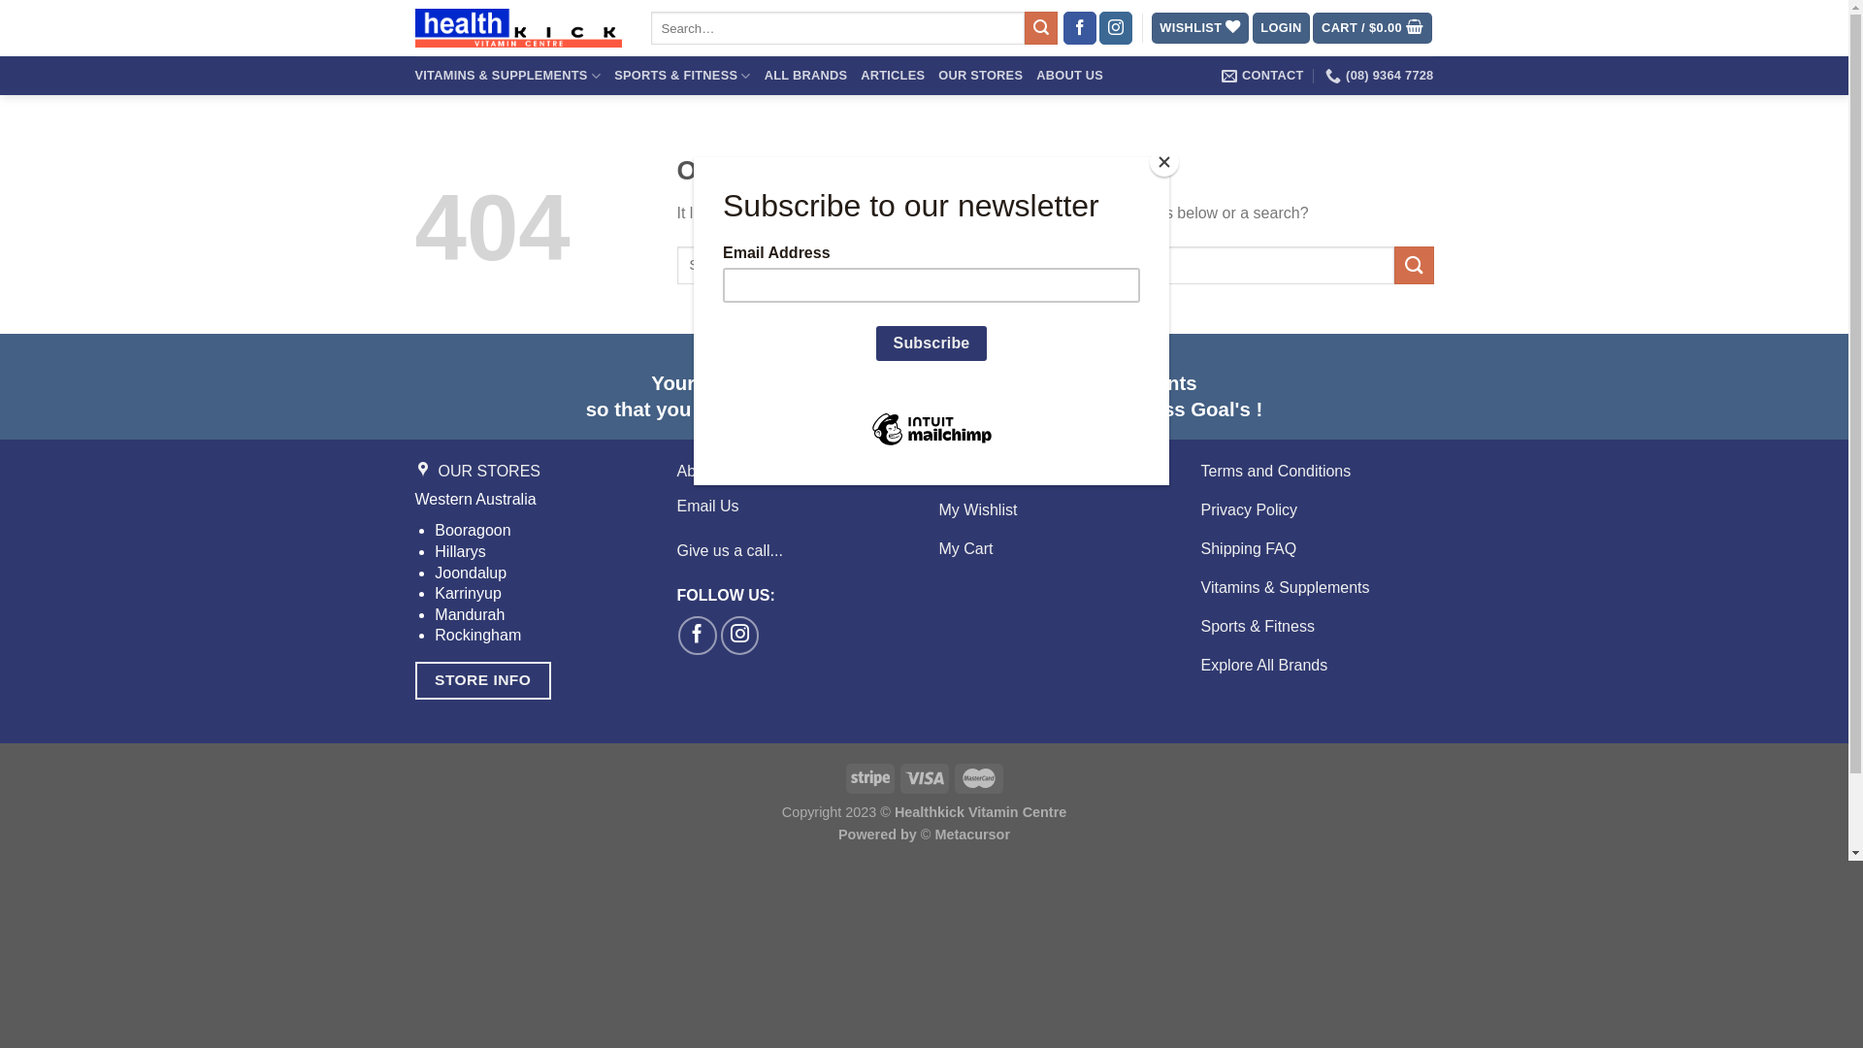  What do you see at coordinates (1318, 552) in the screenshot?
I see `'Shipping FAQ'` at bounding box center [1318, 552].